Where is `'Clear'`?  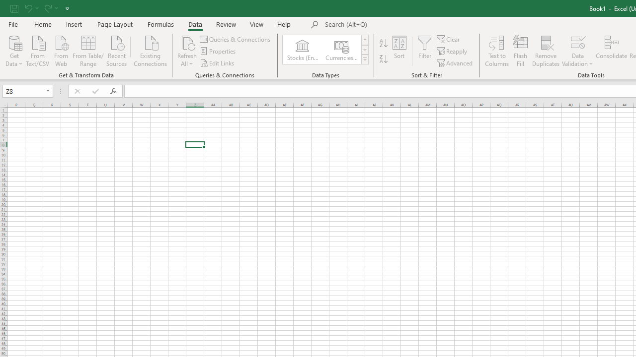 'Clear' is located at coordinates (448, 39).